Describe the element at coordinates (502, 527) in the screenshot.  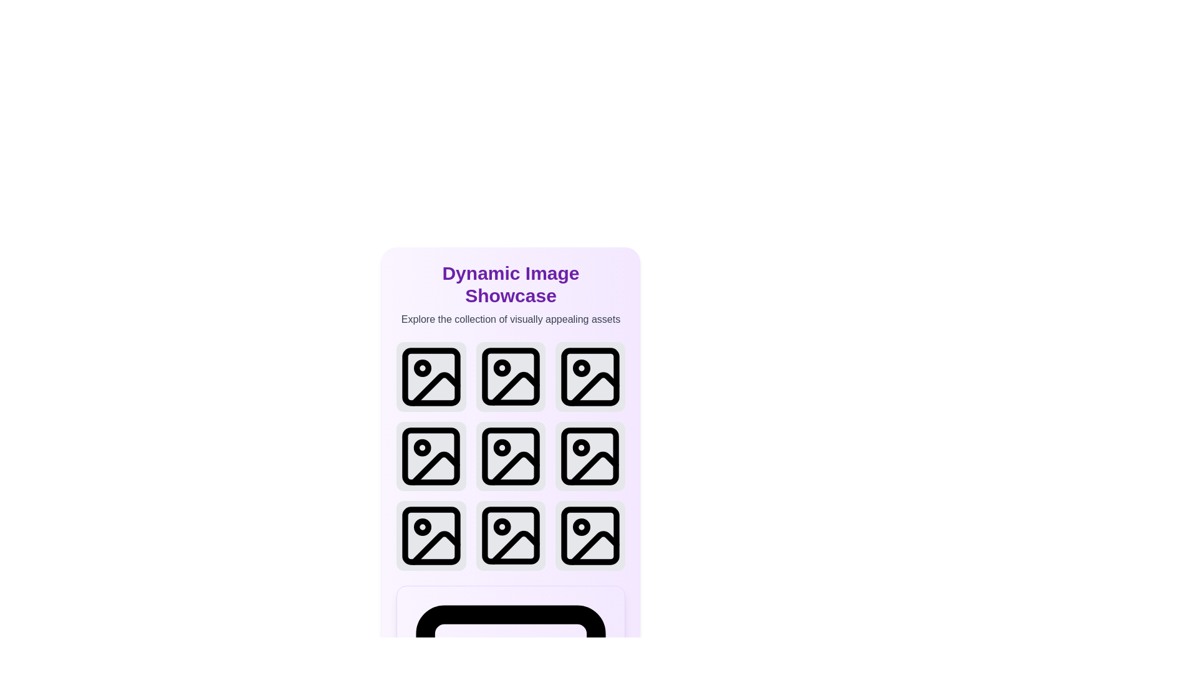
I see `the small circular symbol located in the center of the bottom-middle image placeholder in the 3x3 grid` at that location.